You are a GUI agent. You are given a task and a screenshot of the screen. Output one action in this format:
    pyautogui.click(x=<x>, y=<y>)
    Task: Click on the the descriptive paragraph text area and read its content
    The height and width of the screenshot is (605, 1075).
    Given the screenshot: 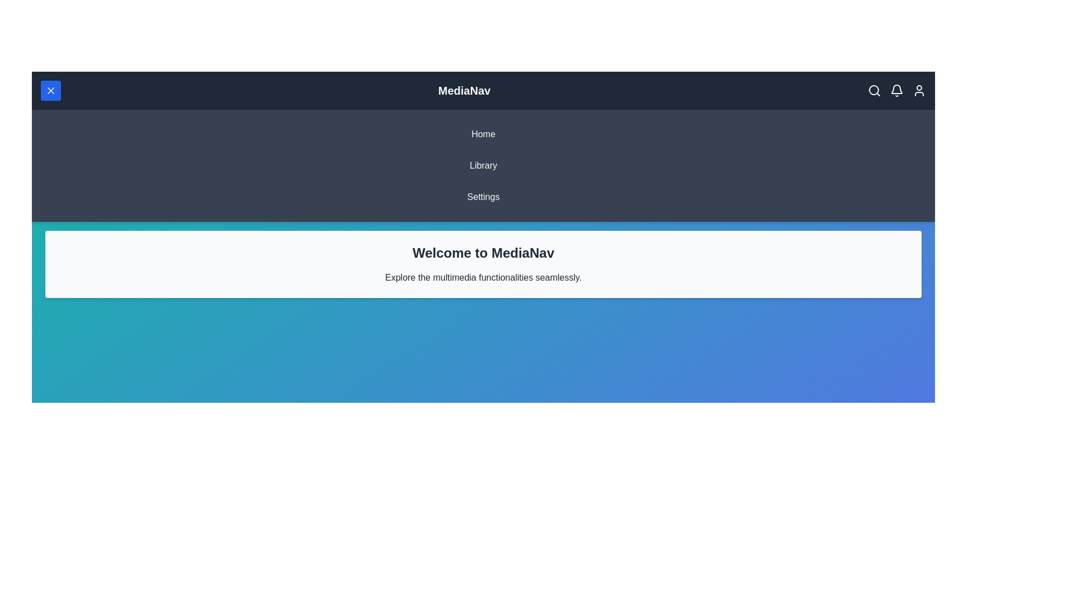 What is the action you would take?
    pyautogui.click(x=483, y=264)
    